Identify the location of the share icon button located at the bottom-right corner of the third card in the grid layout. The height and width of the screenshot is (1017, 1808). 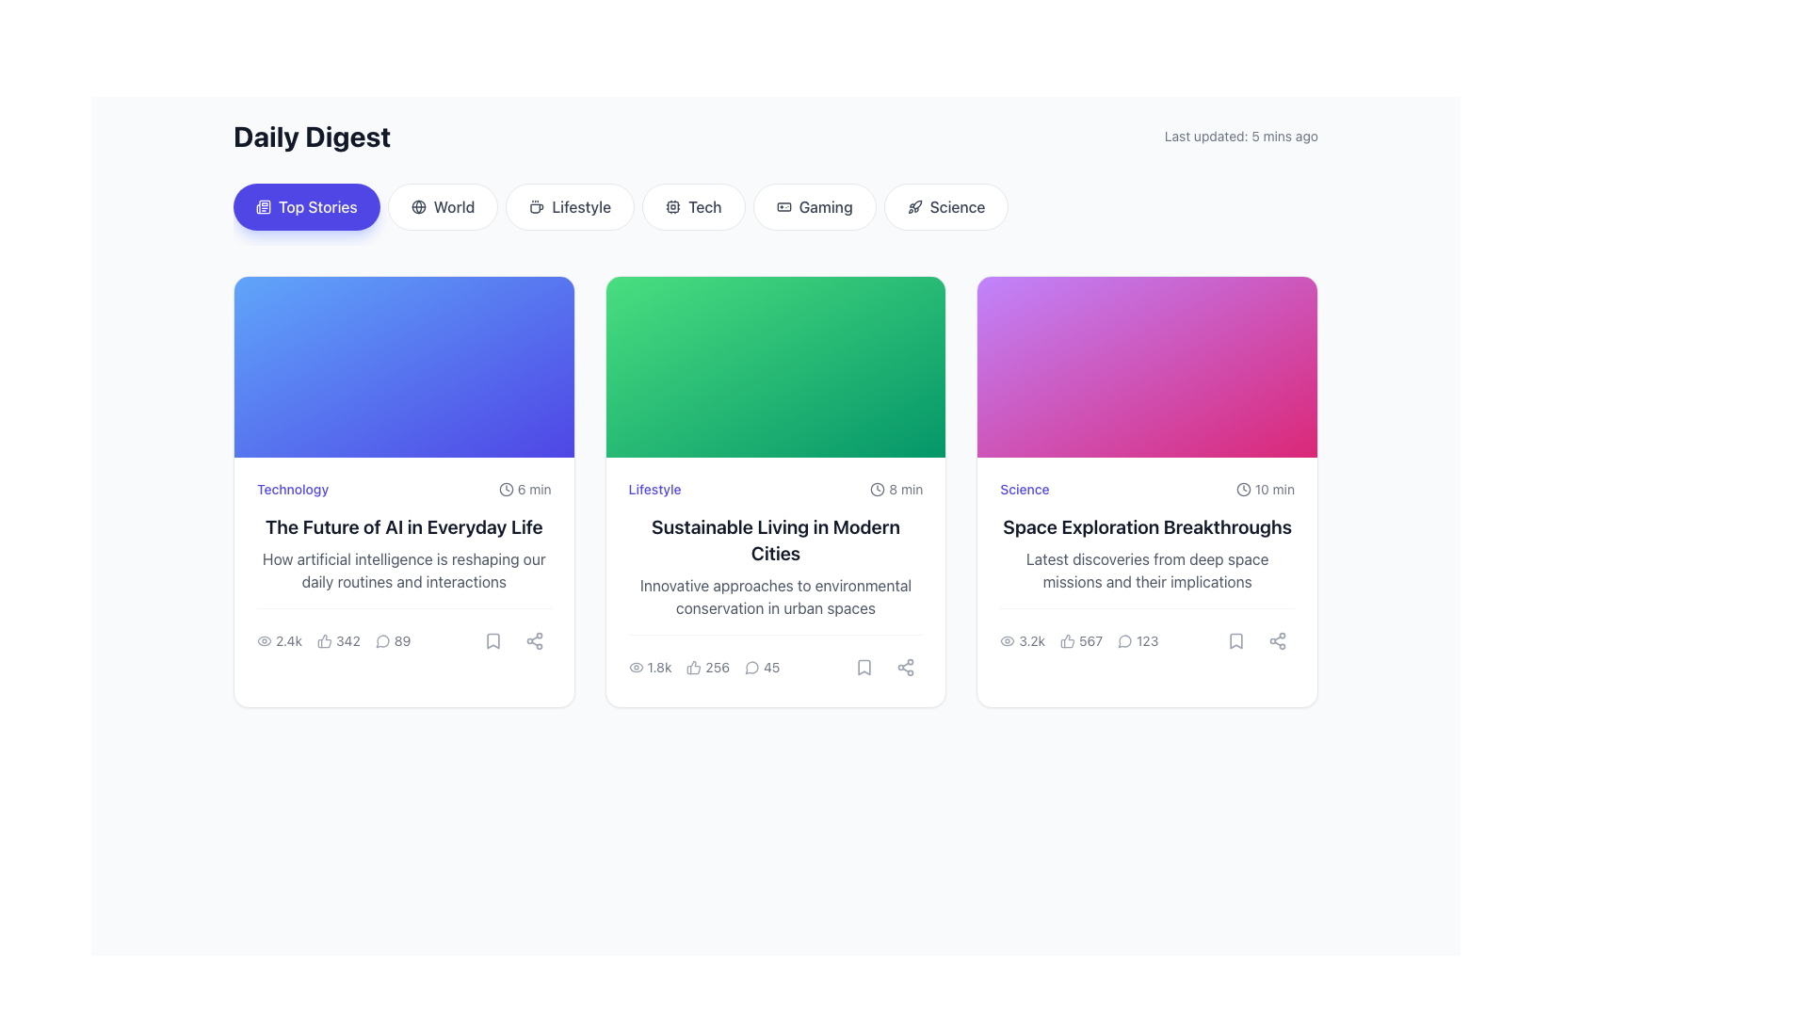
(906, 667).